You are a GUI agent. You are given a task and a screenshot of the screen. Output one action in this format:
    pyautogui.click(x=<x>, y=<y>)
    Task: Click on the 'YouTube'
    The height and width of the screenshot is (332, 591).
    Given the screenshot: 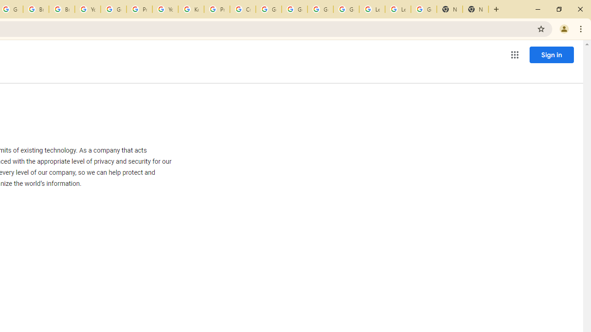 What is the action you would take?
    pyautogui.click(x=165, y=9)
    